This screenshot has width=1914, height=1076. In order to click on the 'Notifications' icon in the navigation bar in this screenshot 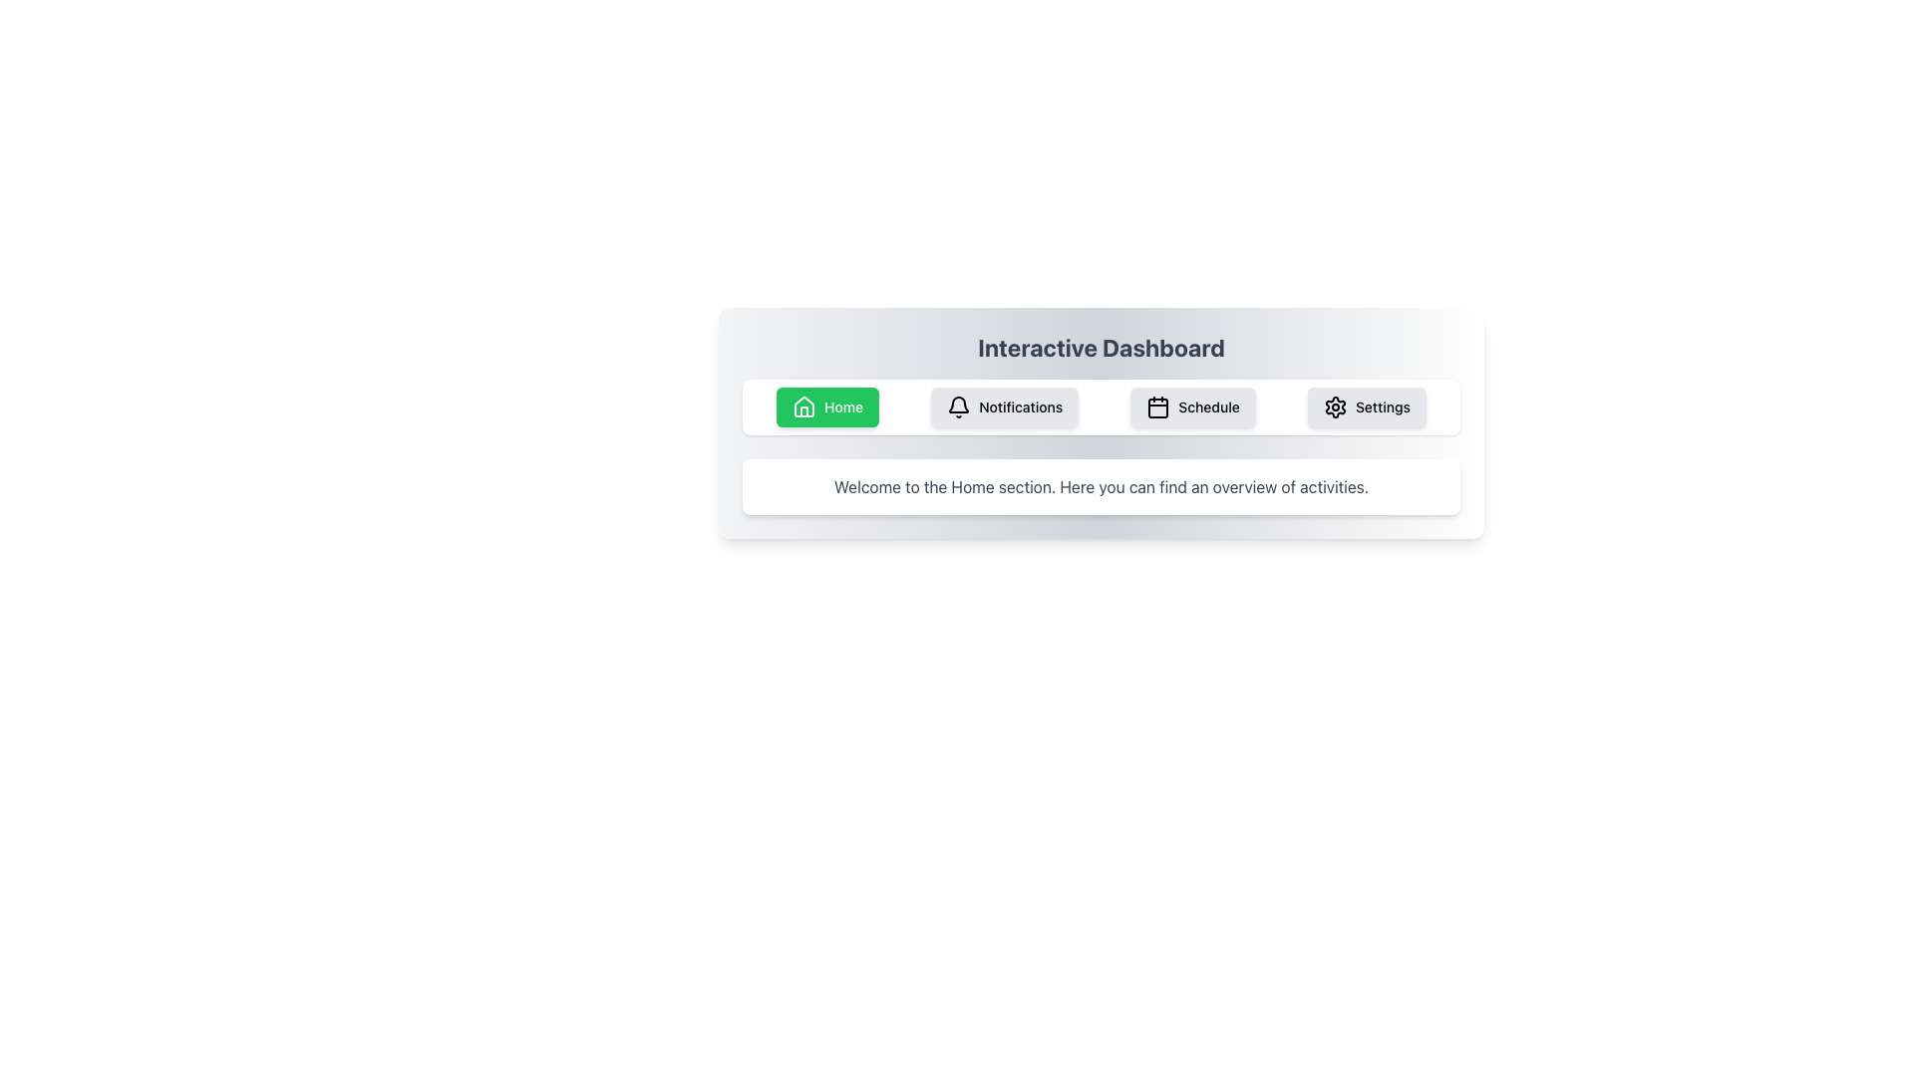, I will do `click(959, 403)`.